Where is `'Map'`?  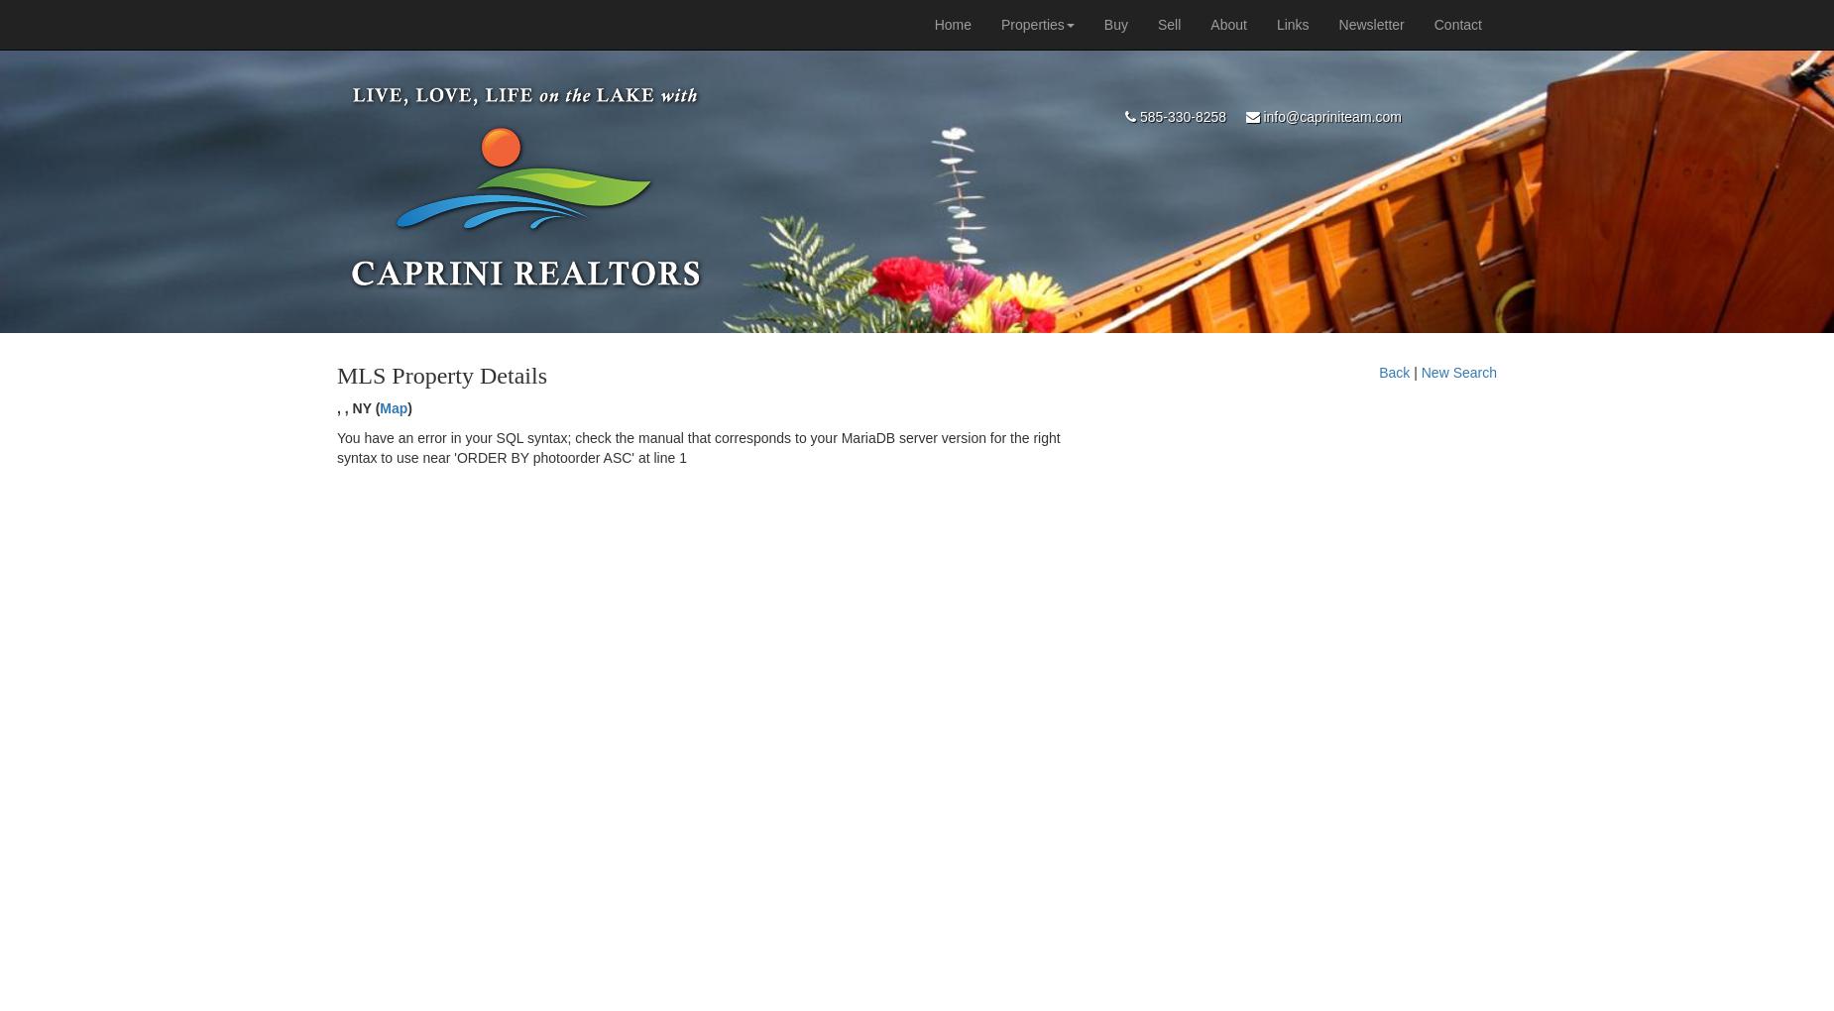
'Map' is located at coordinates (393, 407).